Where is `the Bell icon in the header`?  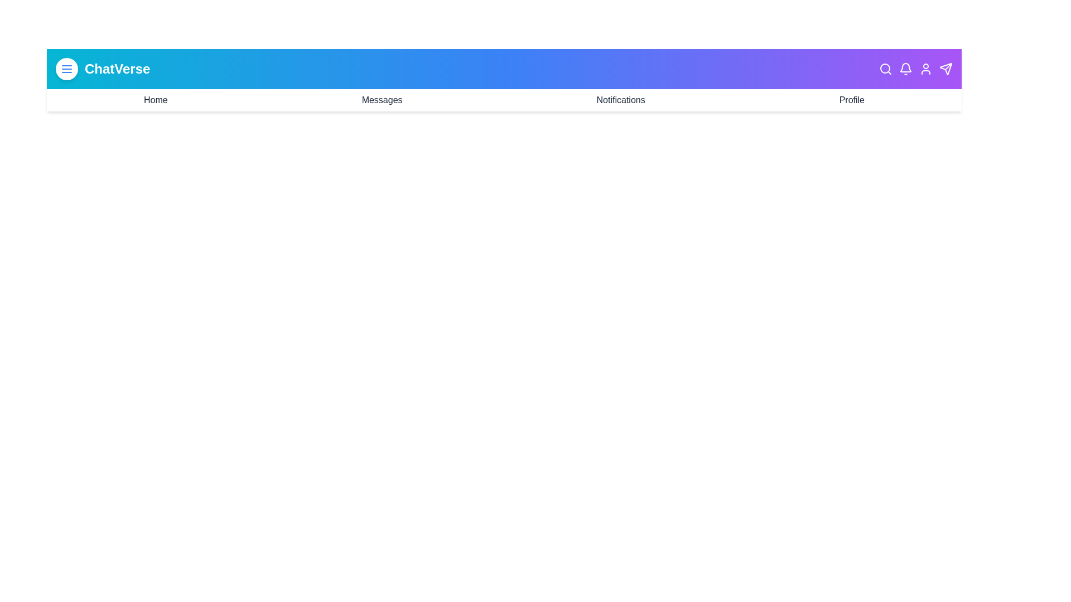
the Bell icon in the header is located at coordinates (905, 69).